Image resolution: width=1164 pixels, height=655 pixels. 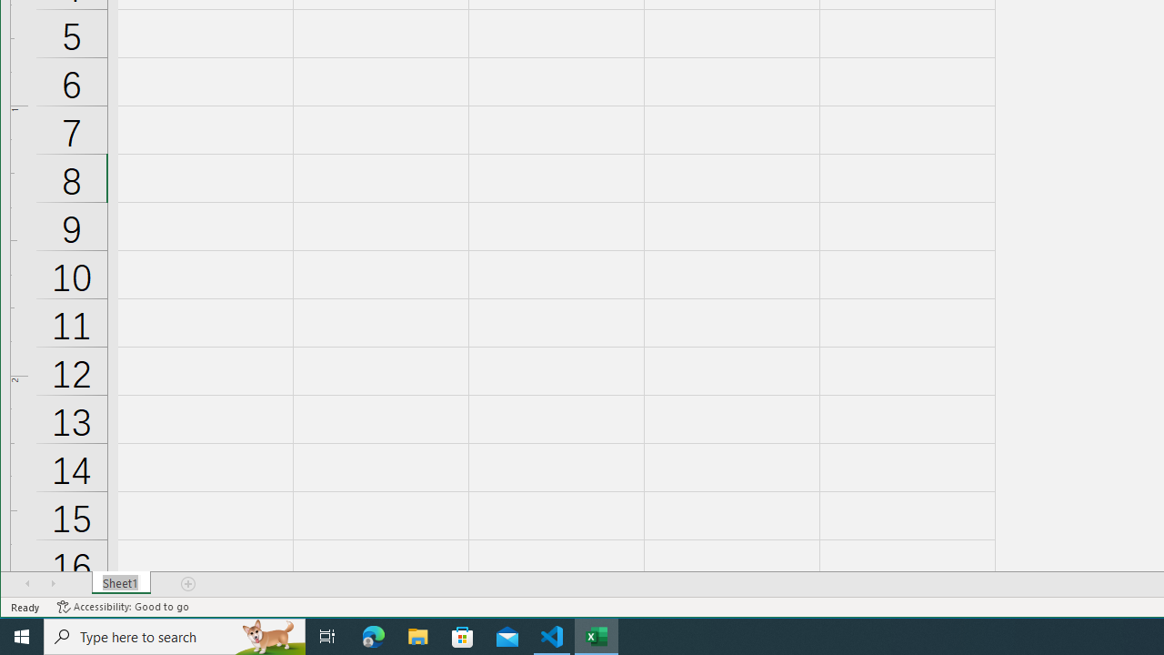 What do you see at coordinates (122, 607) in the screenshot?
I see `'Accessibility Checker Accessibility: Good to go'` at bounding box center [122, 607].